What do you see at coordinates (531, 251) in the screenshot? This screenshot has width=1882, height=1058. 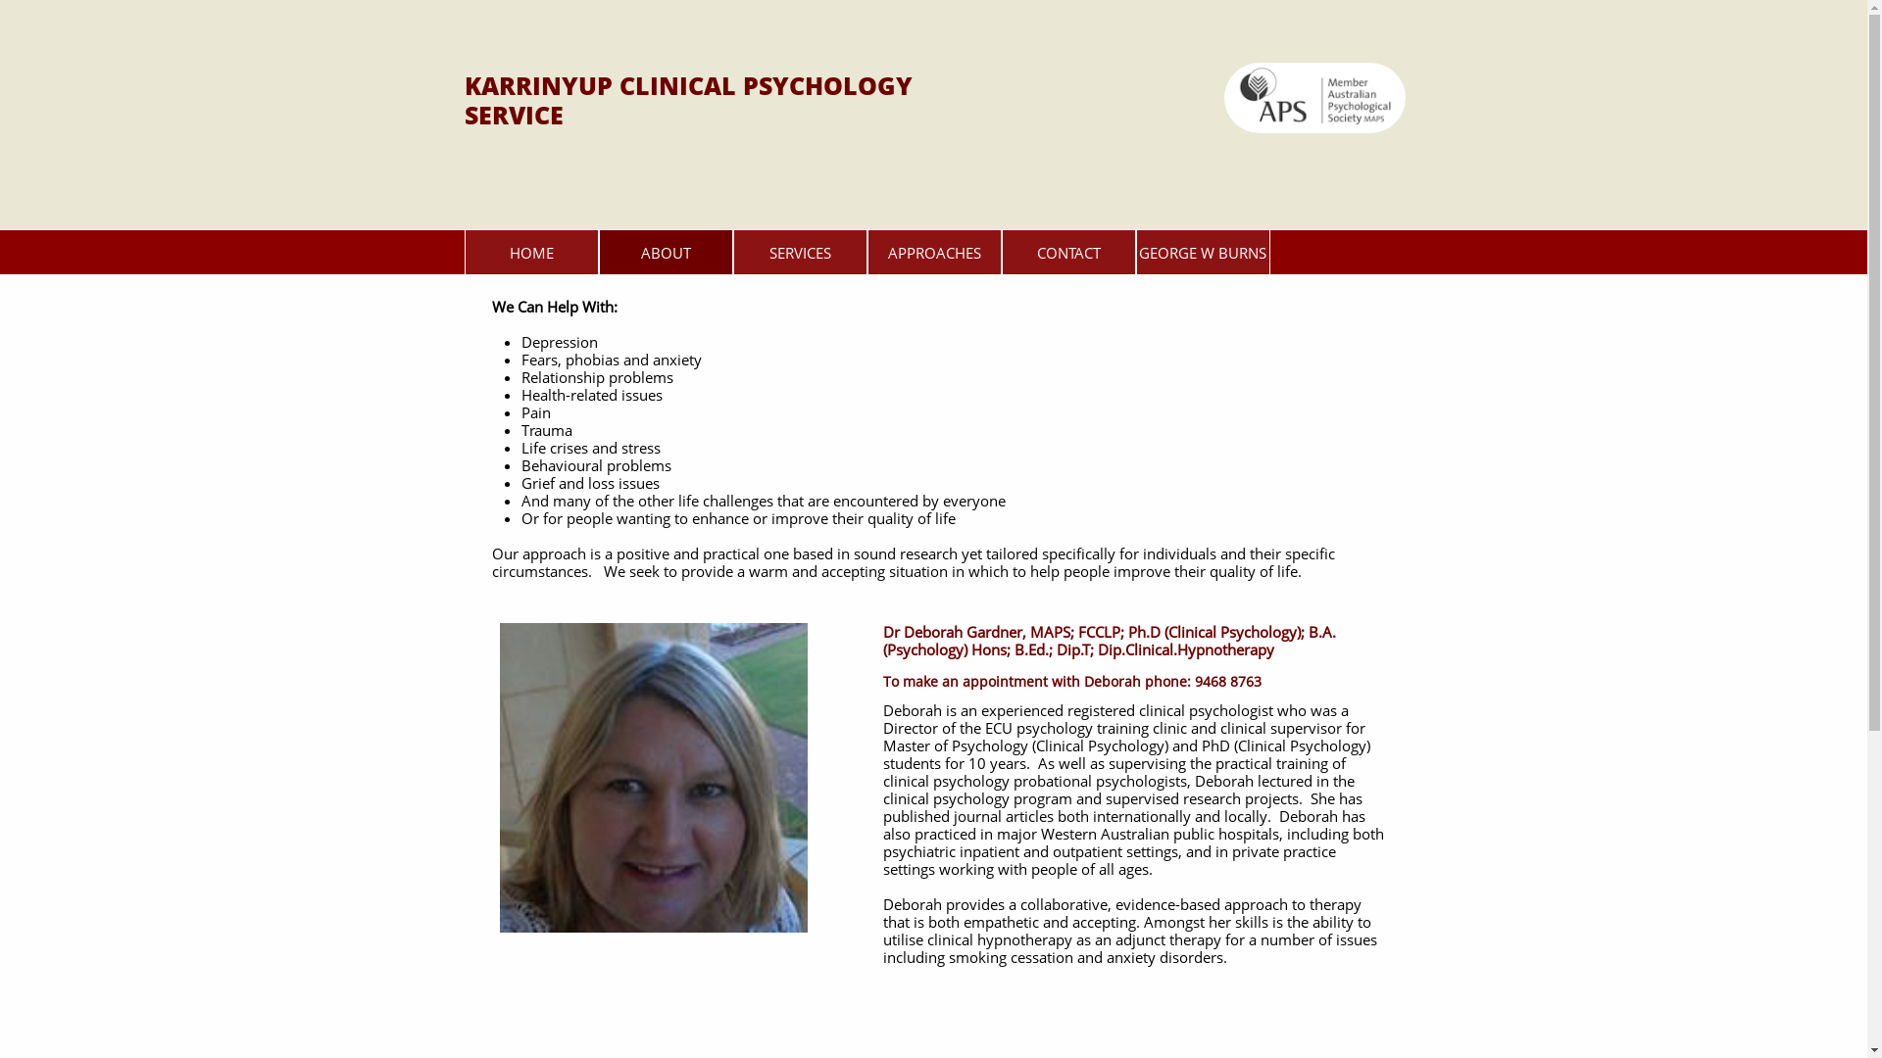 I see `'HOME'` at bounding box center [531, 251].